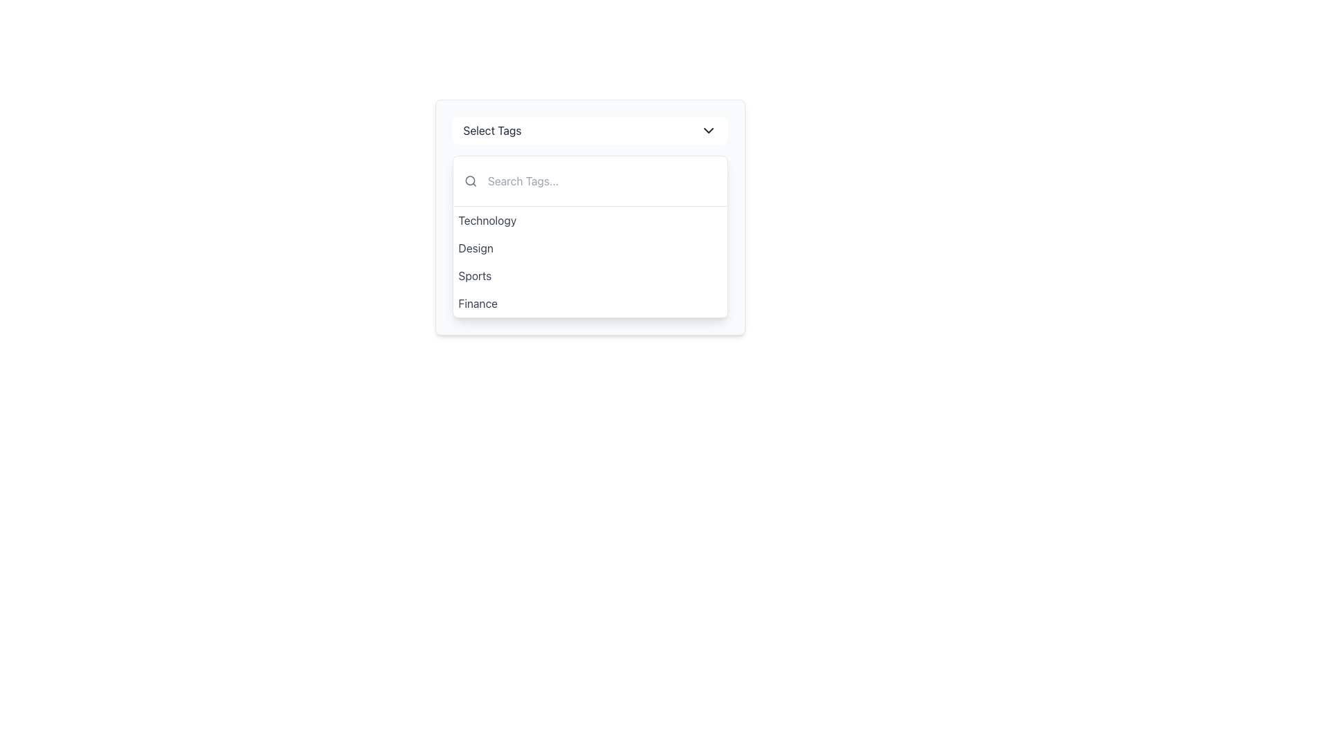  What do you see at coordinates (590, 247) in the screenshot?
I see `the 'Design' menu item in the dropdown list to trigger the hover effect, which is the second option below 'Technology'` at bounding box center [590, 247].